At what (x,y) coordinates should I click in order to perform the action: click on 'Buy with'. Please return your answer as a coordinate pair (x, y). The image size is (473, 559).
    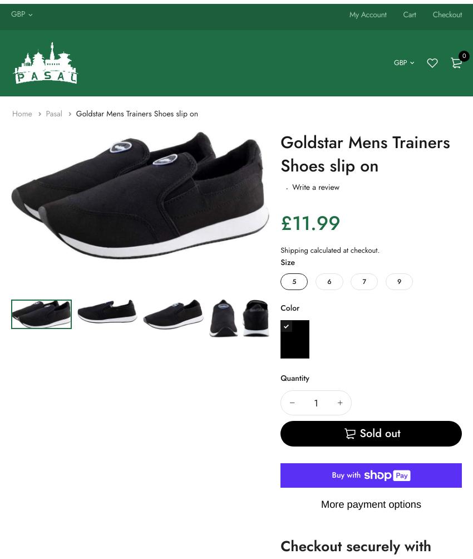
    Looking at the image, I should click on (346, 475).